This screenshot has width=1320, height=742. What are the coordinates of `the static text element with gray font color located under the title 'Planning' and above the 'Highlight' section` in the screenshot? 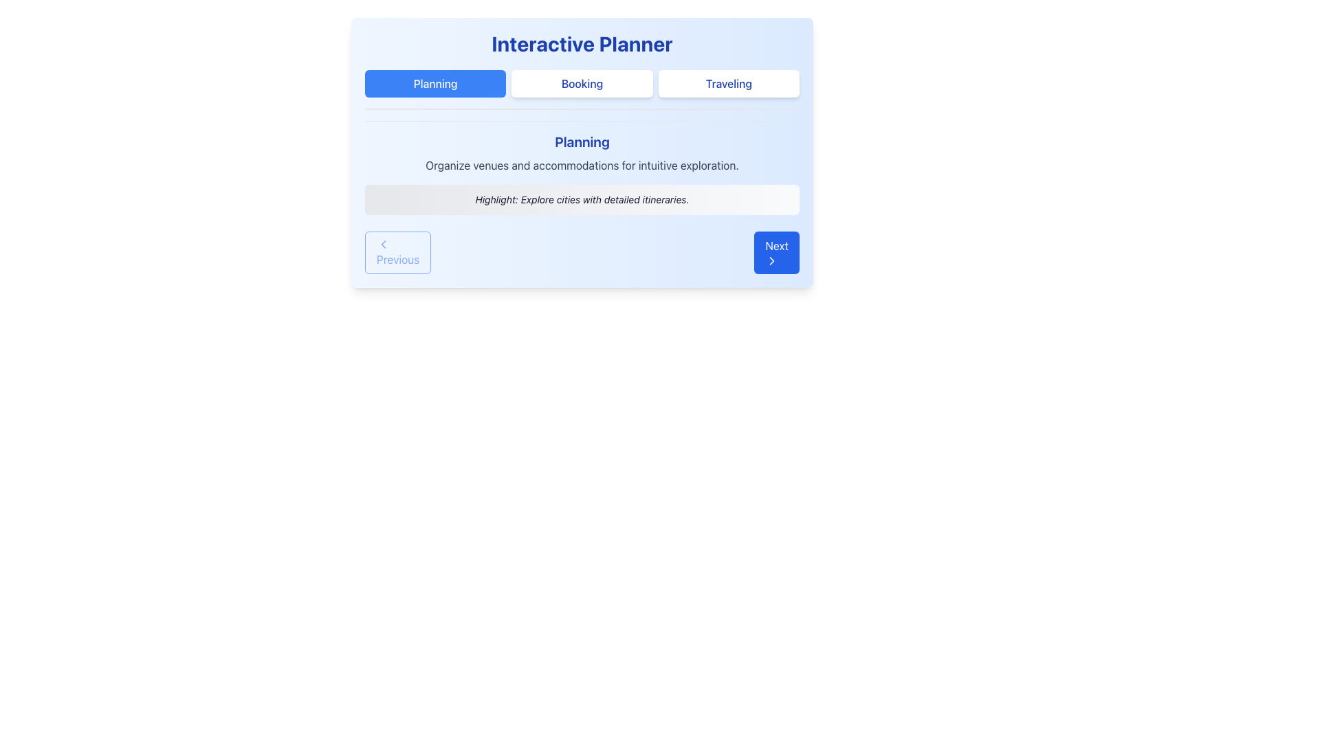 It's located at (582, 164).